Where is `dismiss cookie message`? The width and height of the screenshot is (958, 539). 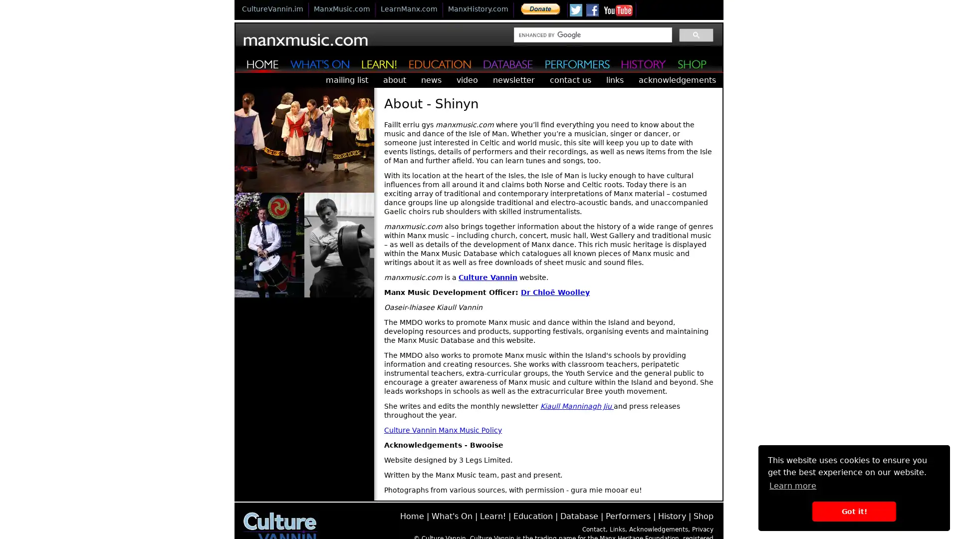
dismiss cookie message is located at coordinates (853, 511).